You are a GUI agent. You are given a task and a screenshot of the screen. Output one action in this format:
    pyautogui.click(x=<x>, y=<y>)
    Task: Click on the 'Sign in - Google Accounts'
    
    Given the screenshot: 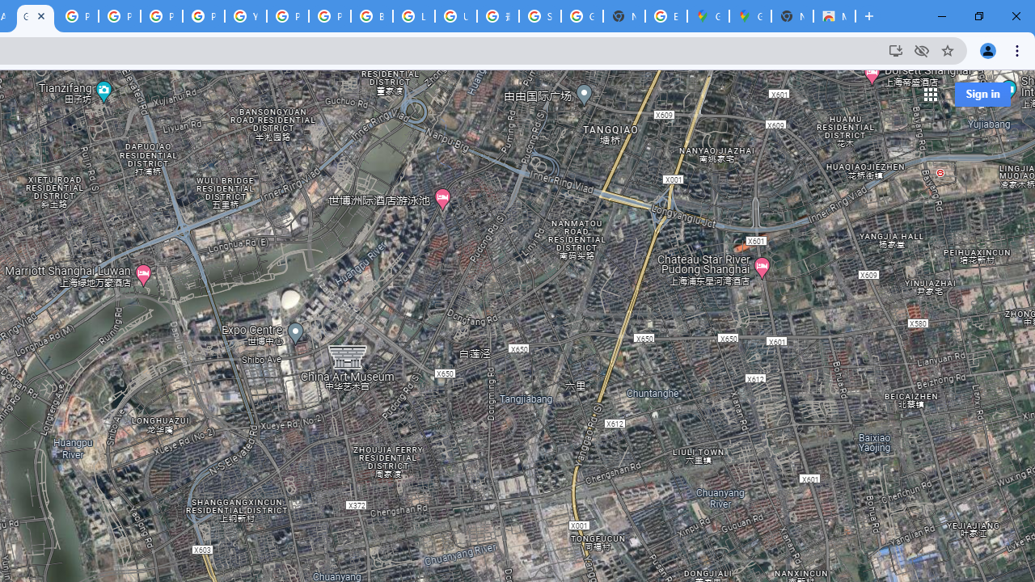 What is the action you would take?
    pyautogui.click(x=540, y=16)
    